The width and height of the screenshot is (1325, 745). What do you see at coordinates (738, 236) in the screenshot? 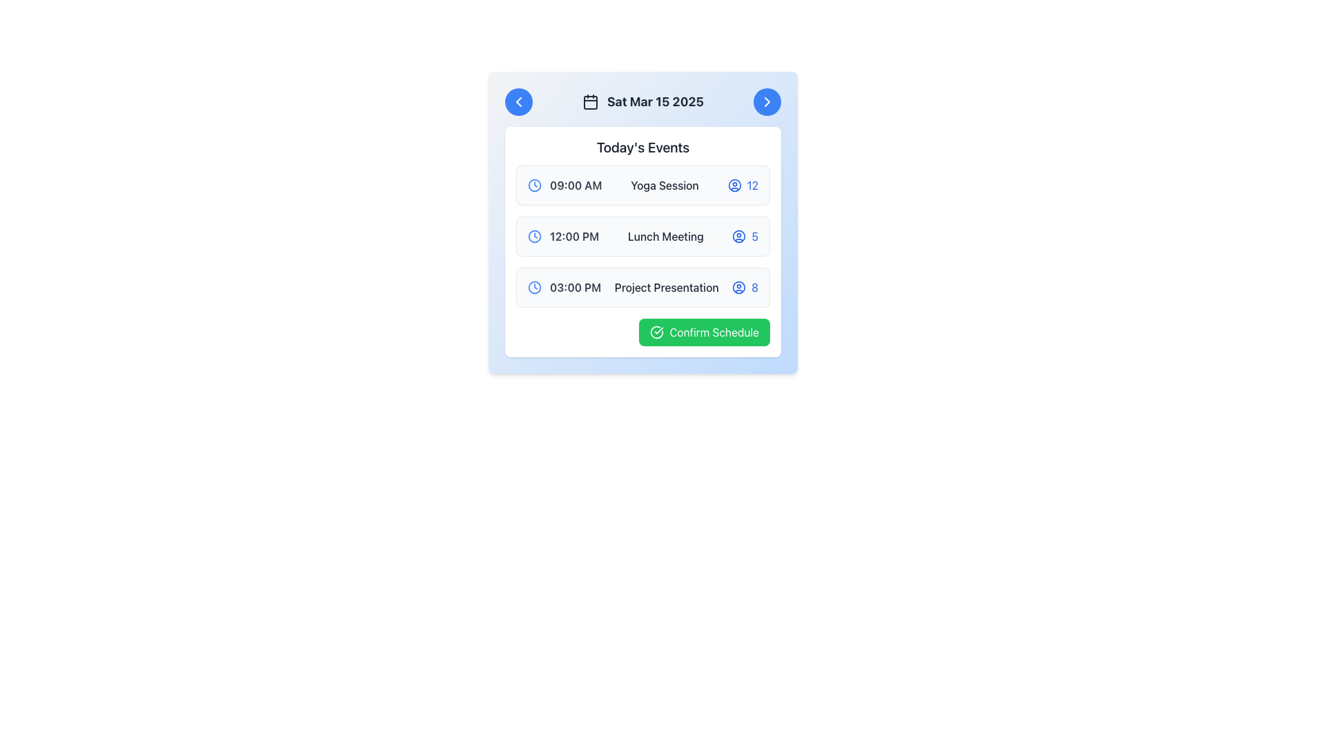
I see `the user icon representing the attendee for the 'Lunch Meeting' event located in the 'Today's Events' section, positioned to the right of the event name and near the numerical indicator (5)` at bounding box center [738, 236].